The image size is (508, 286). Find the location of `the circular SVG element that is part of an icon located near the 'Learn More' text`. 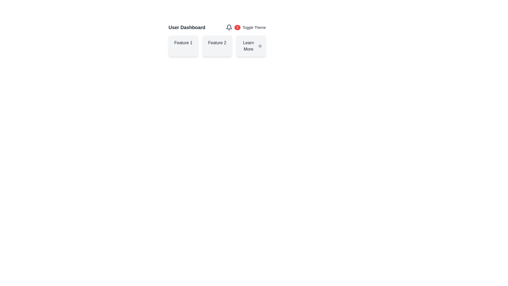

the circular SVG element that is part of an icon located near the 'Learn More' text is located at coordinates (260, 46).